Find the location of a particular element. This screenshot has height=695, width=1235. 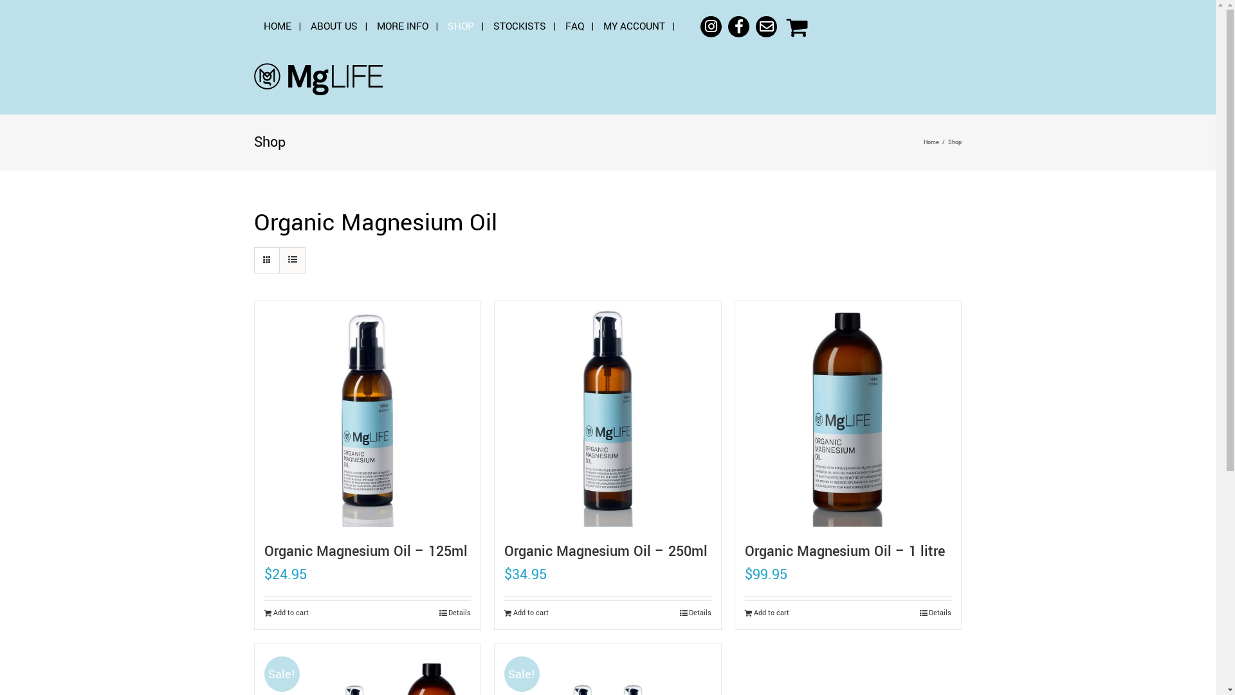

'SHOP' is located at coordinates (448, 26).